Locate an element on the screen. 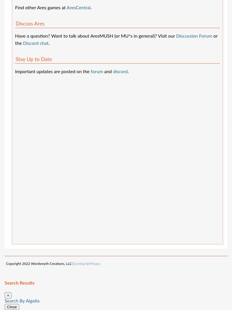 This screenshot has height=310, width=232. 'Have a question?  Want to talk about AresMUSH (or MU*s in general)?  Visit our' is located at coordinates (95, 36).